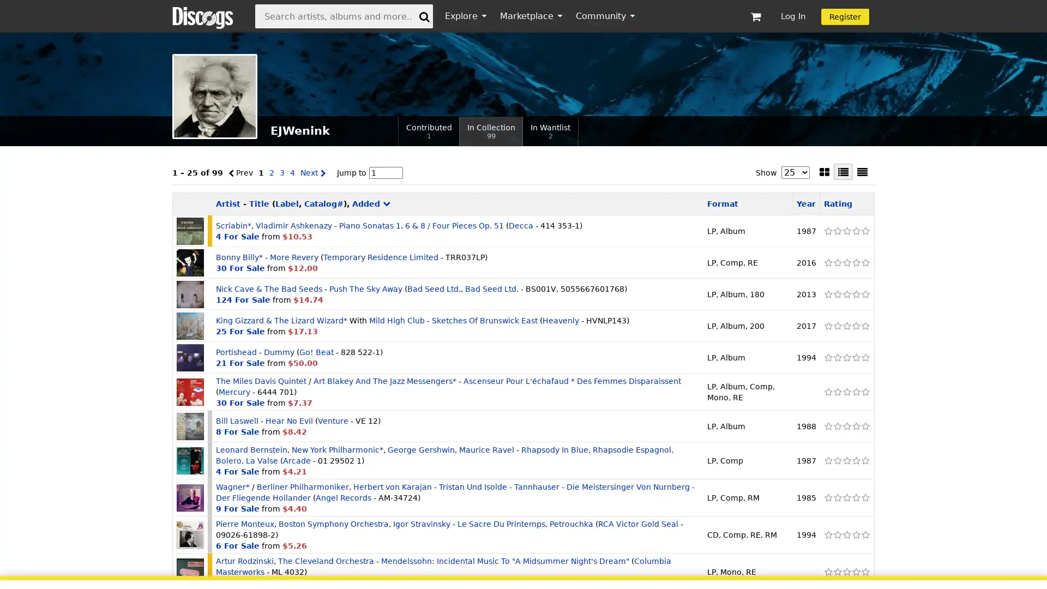  Describe the element at coordinates (846, 325) in the screenshot. I see `Rate this release 3 stars.` at that location.